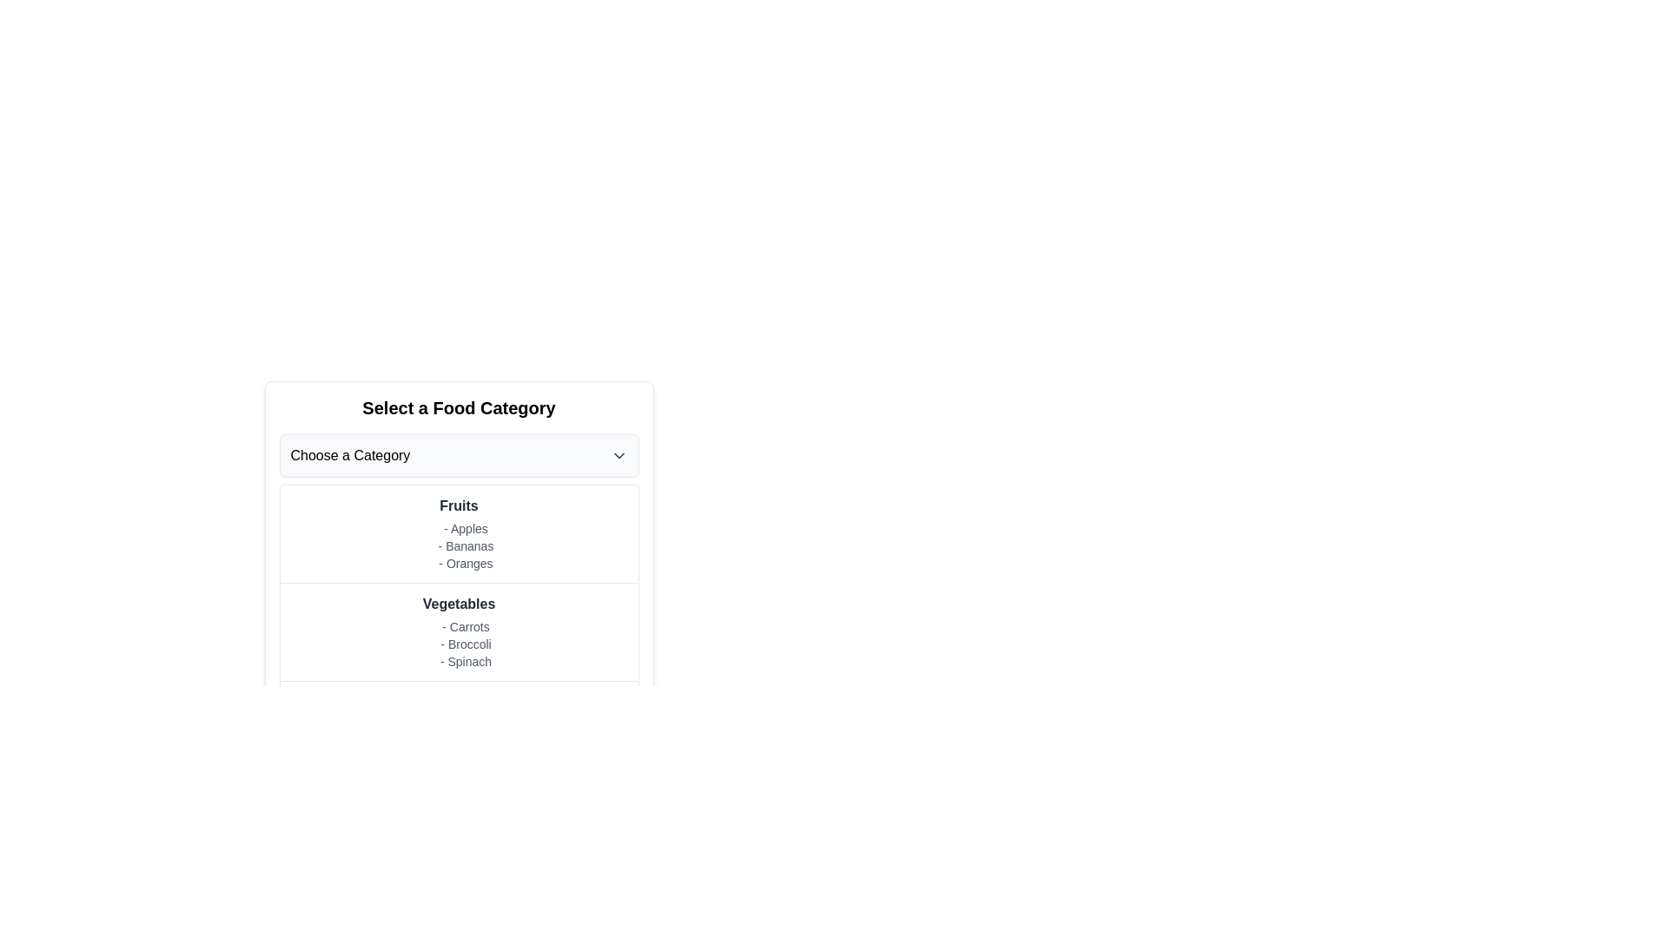  What do you see at coordinates (466, 545) in the screenshot?
I see `the static text label displaying 'Bananas', which is the second item in the vertical list under the 'Fruits' category` at bounding box center [466, 545].